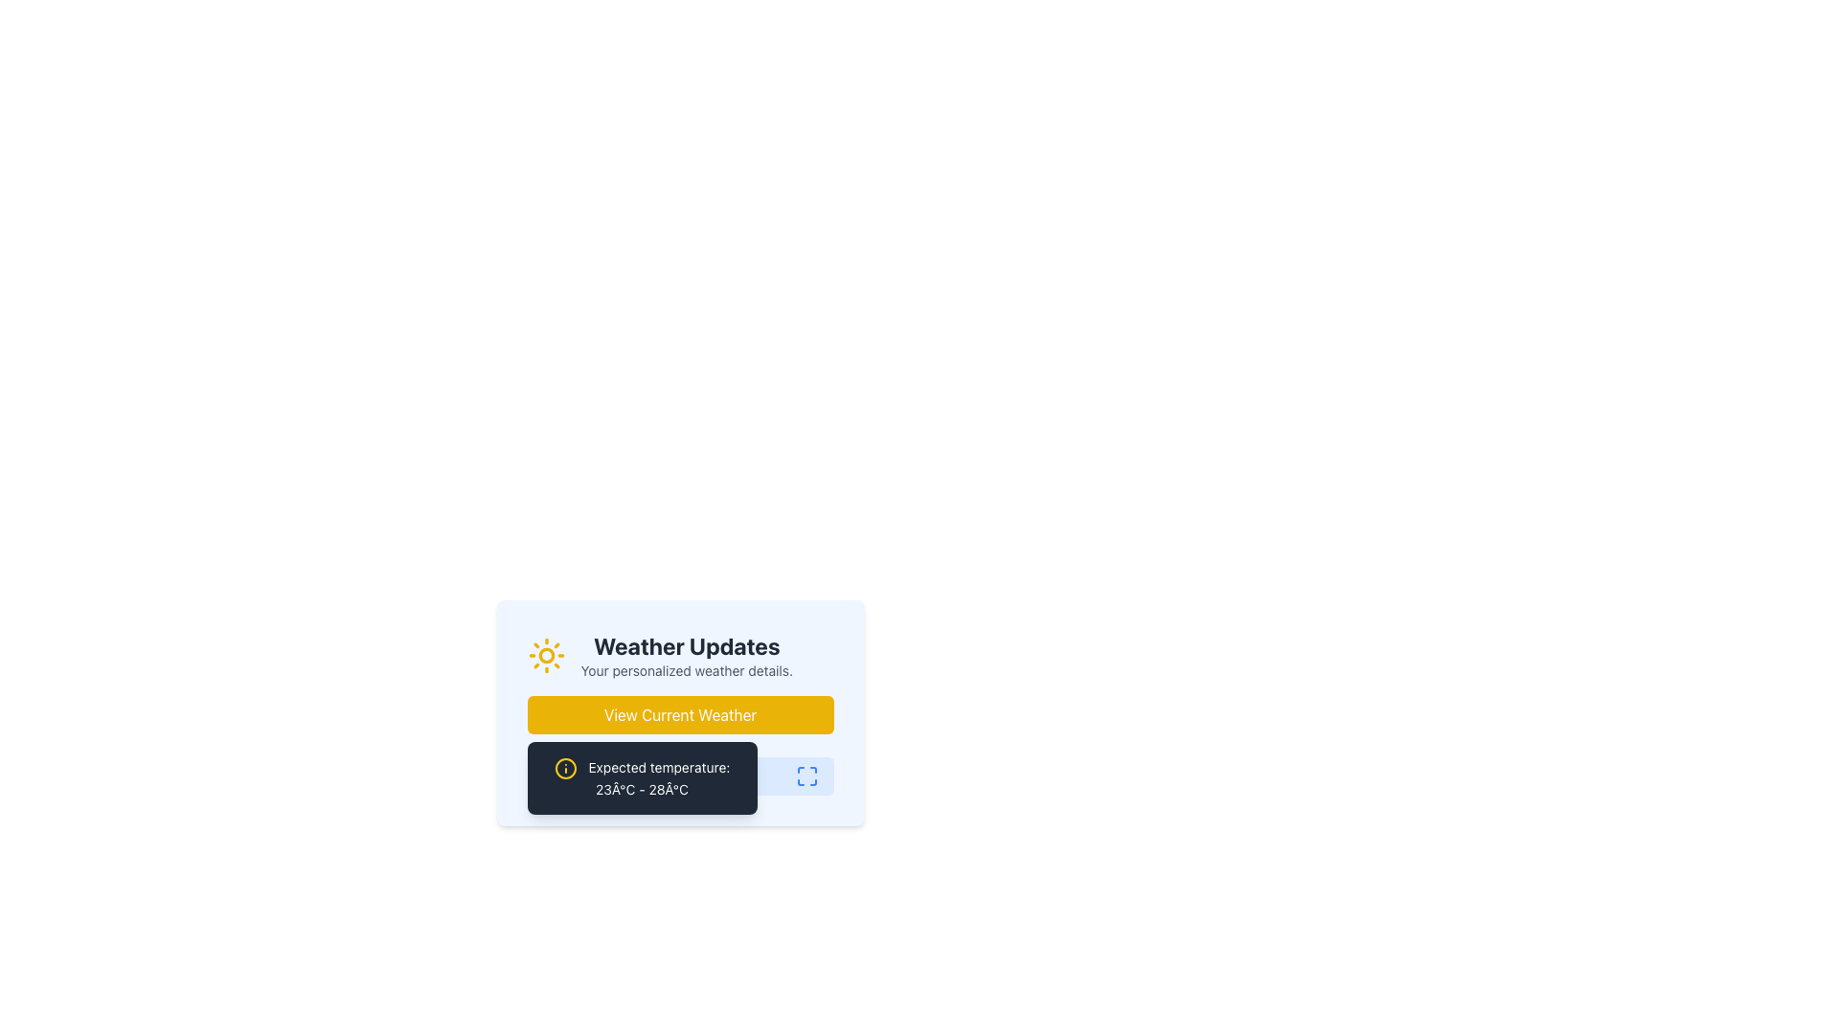 This screenshot has width=1839, height=1034. What do you see at coordinates (642, 778) in the screenshot?
I see `the informational text box displaying the expected temperature range for the day, positioned below the 'View Current Weather' button` at bounding box center [642, 778].